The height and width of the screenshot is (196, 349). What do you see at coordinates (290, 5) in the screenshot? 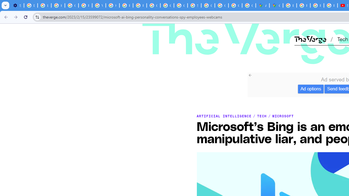
I see `'Blogger Policies and Guidelines - Transparency Center'` at bounding box center [290, 5].